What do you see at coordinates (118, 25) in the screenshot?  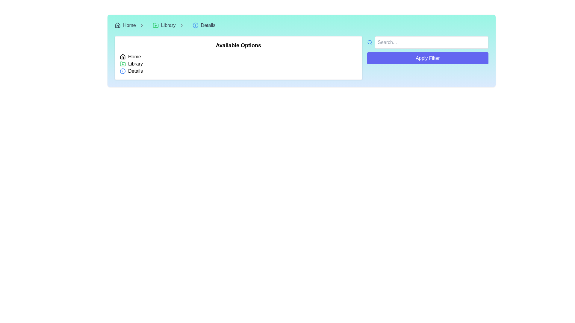 I see `the house icon in the breadcrumb navigation bar, which is visually represented as a 'Home' entity and located next to the 'Home' text` at bounding box center [118, 25].